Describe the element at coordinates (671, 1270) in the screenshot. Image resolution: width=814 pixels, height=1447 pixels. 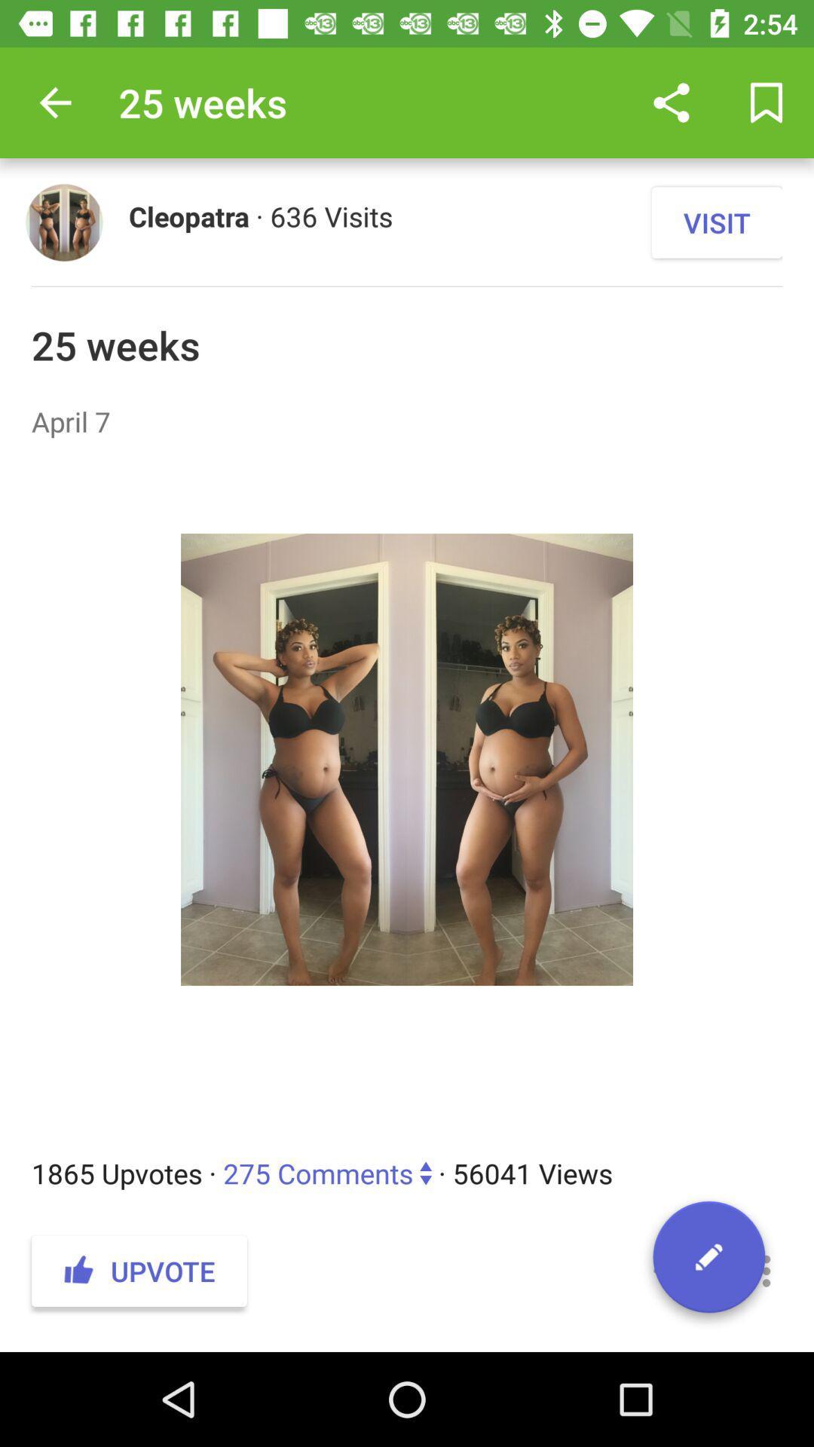
I see `the item next to the upvote item` at that location.